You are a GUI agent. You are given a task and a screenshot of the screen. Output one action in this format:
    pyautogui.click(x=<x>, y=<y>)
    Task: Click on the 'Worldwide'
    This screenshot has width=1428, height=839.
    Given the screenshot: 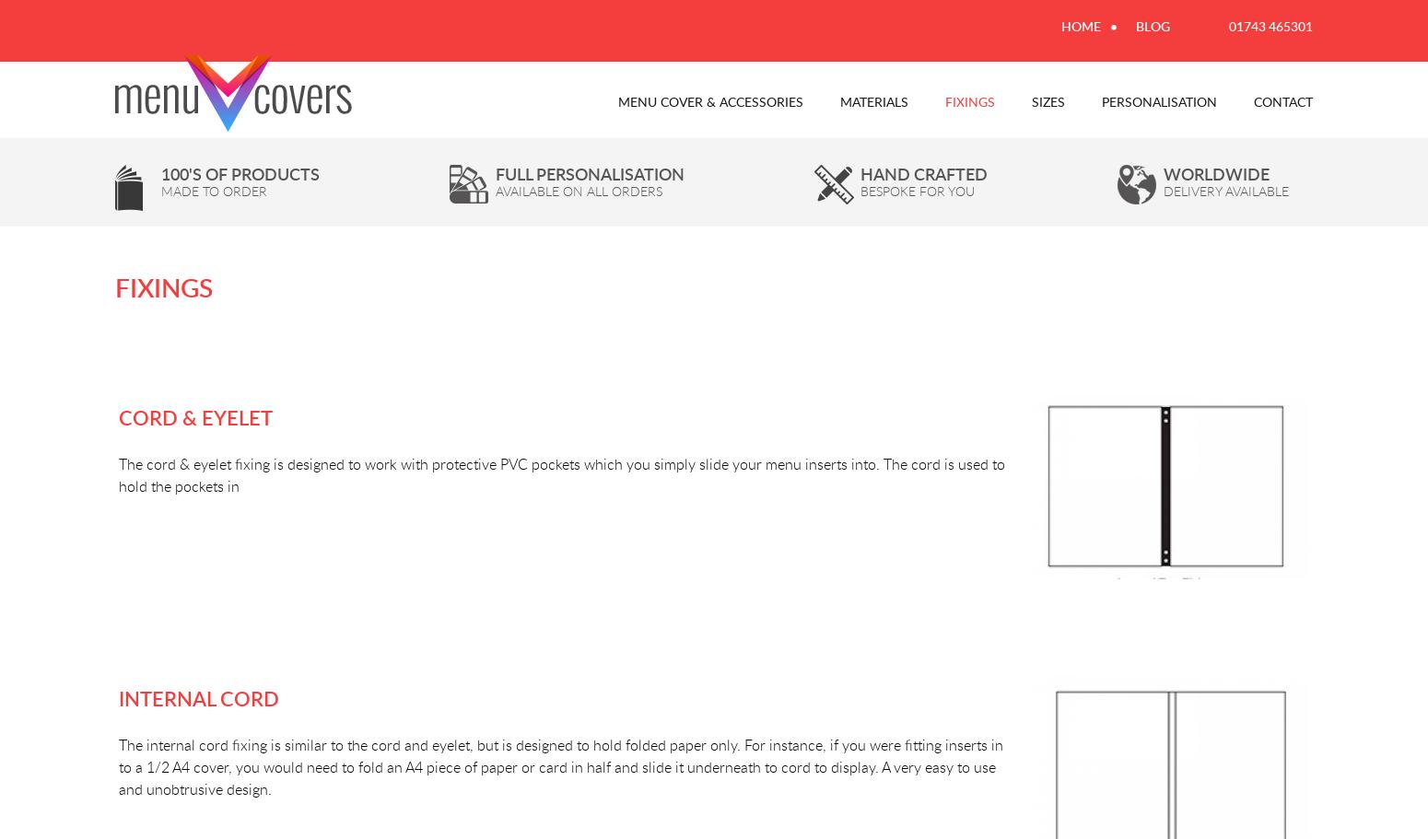 What is the action you would take?
    pyautogui.click(x=1216, y=172)
    